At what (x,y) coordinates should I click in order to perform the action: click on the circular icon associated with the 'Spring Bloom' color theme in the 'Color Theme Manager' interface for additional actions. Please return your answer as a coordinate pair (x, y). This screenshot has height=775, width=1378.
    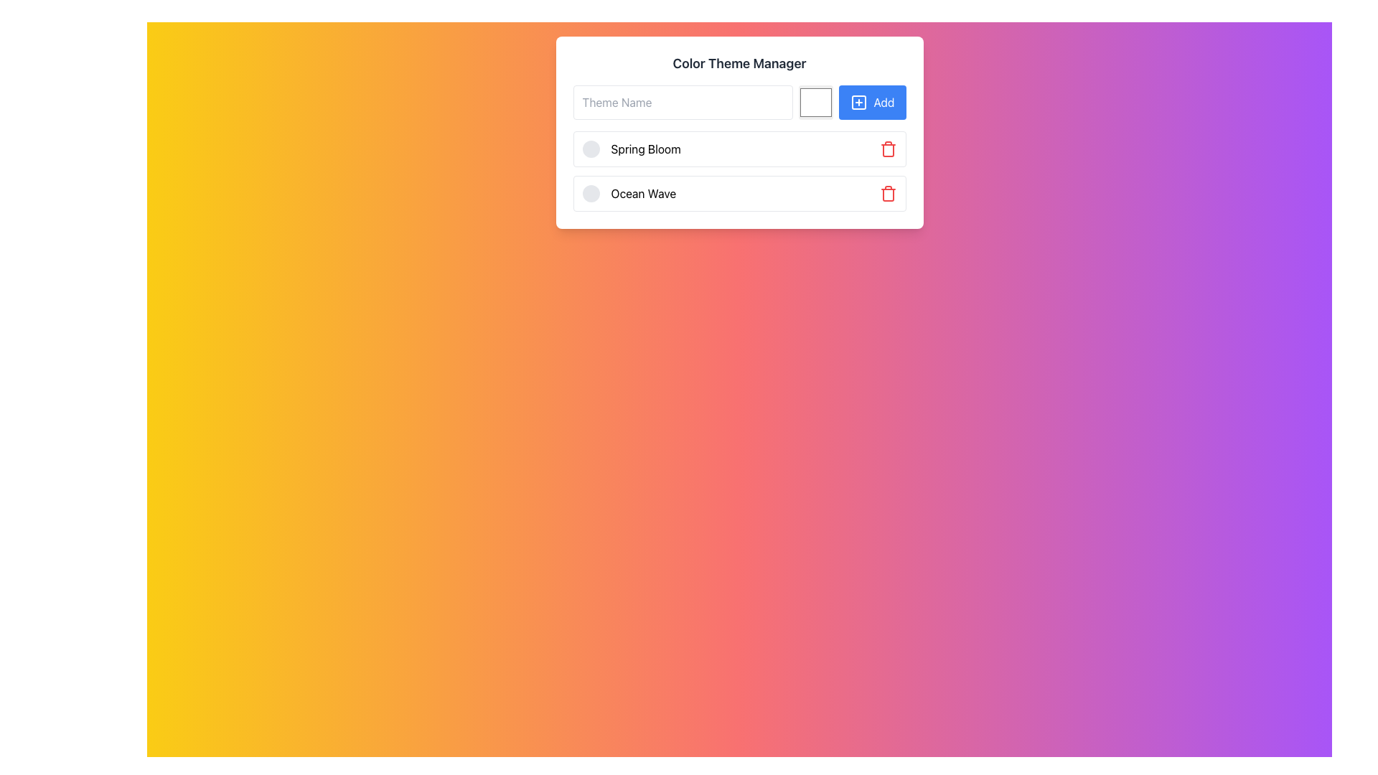
    Looking at the image, I should click on (632, 149).